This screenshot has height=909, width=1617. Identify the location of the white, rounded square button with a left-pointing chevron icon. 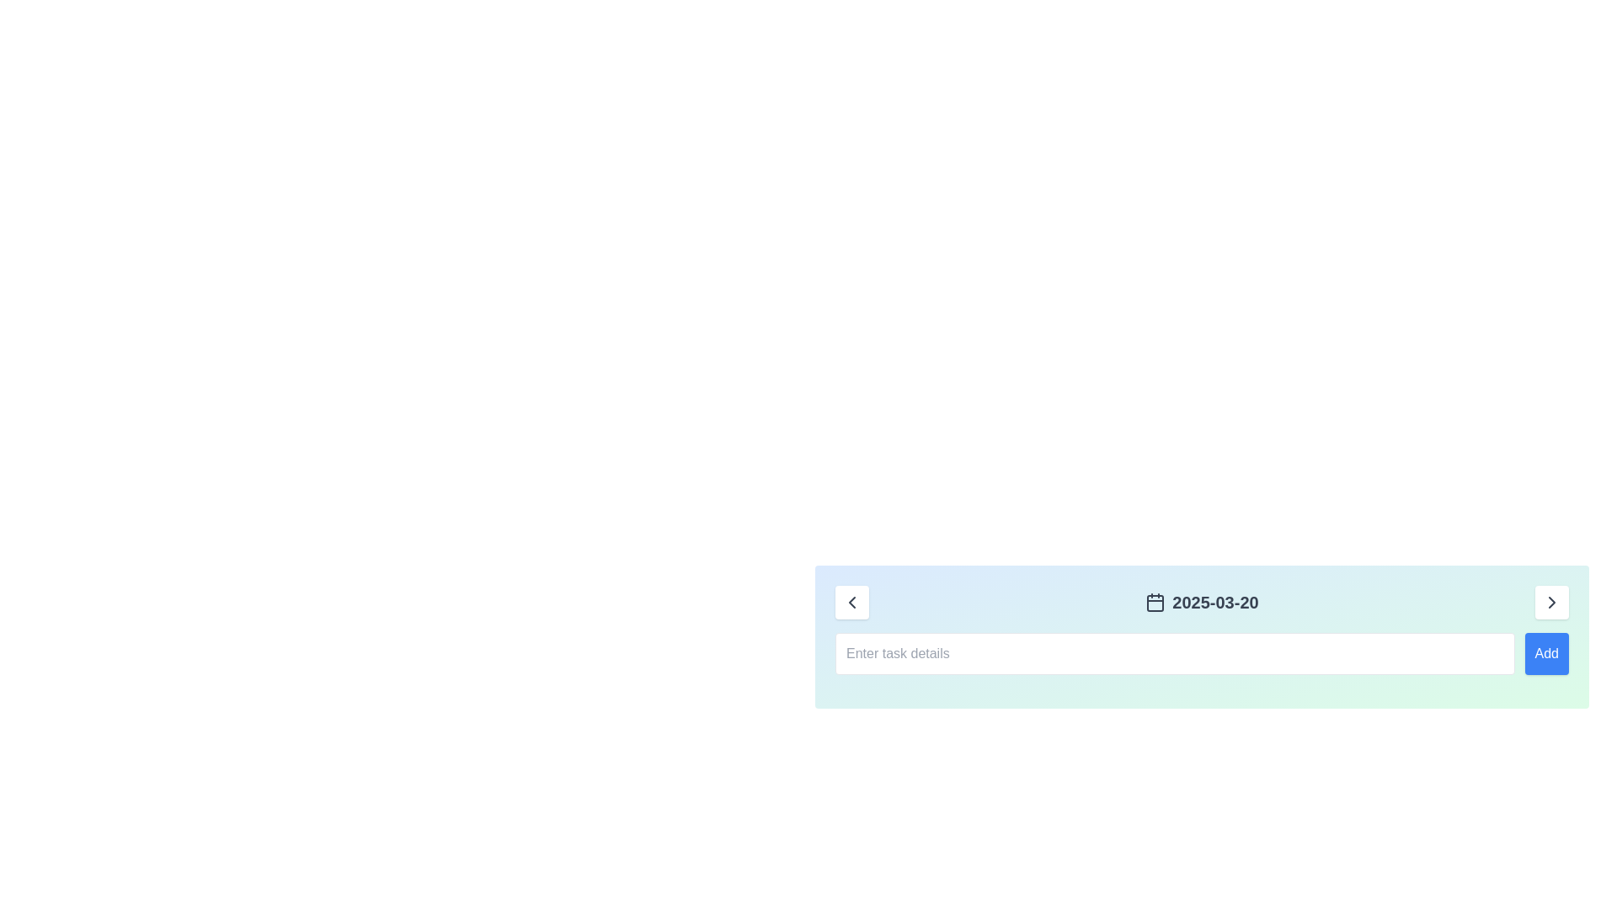
(852, 602).